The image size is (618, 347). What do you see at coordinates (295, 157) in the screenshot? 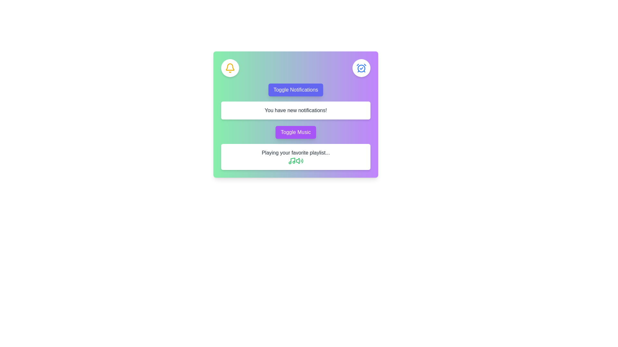
I see `the Informational panel containing the text 'Playing your favorite playlist...' and the musical note and speaker icons, which is located below the 'Toggle Music' button` at bounding box center [295, 157].